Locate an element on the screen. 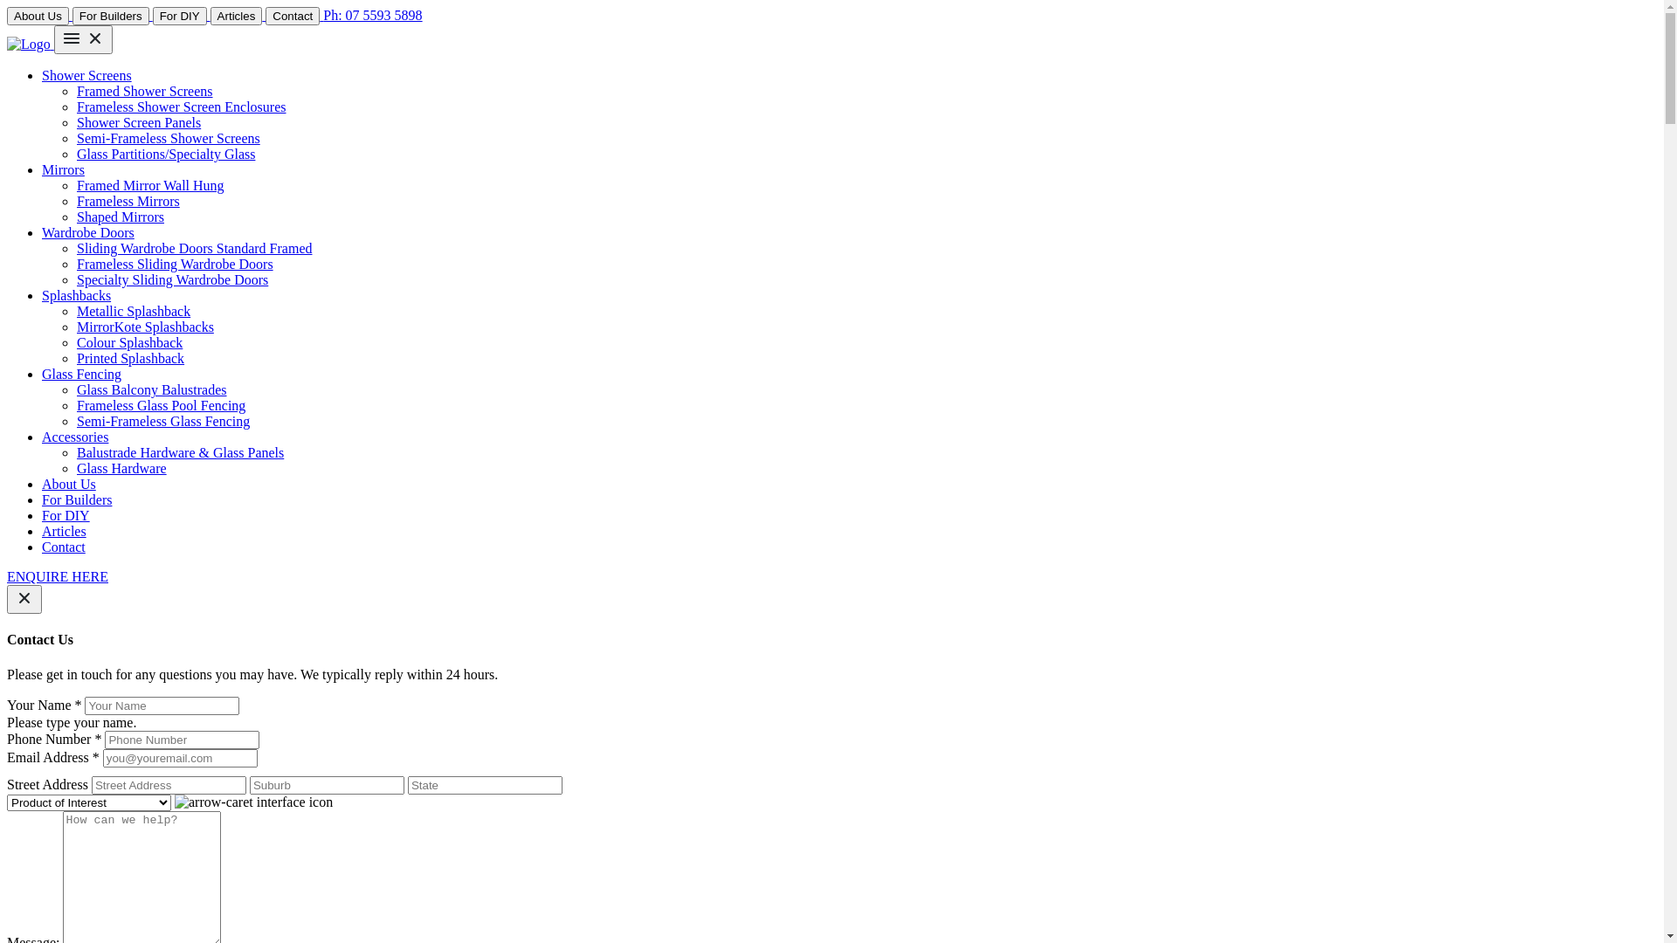  'Semi-Frameless Shower Screens' is located at coordinates (168, 137).